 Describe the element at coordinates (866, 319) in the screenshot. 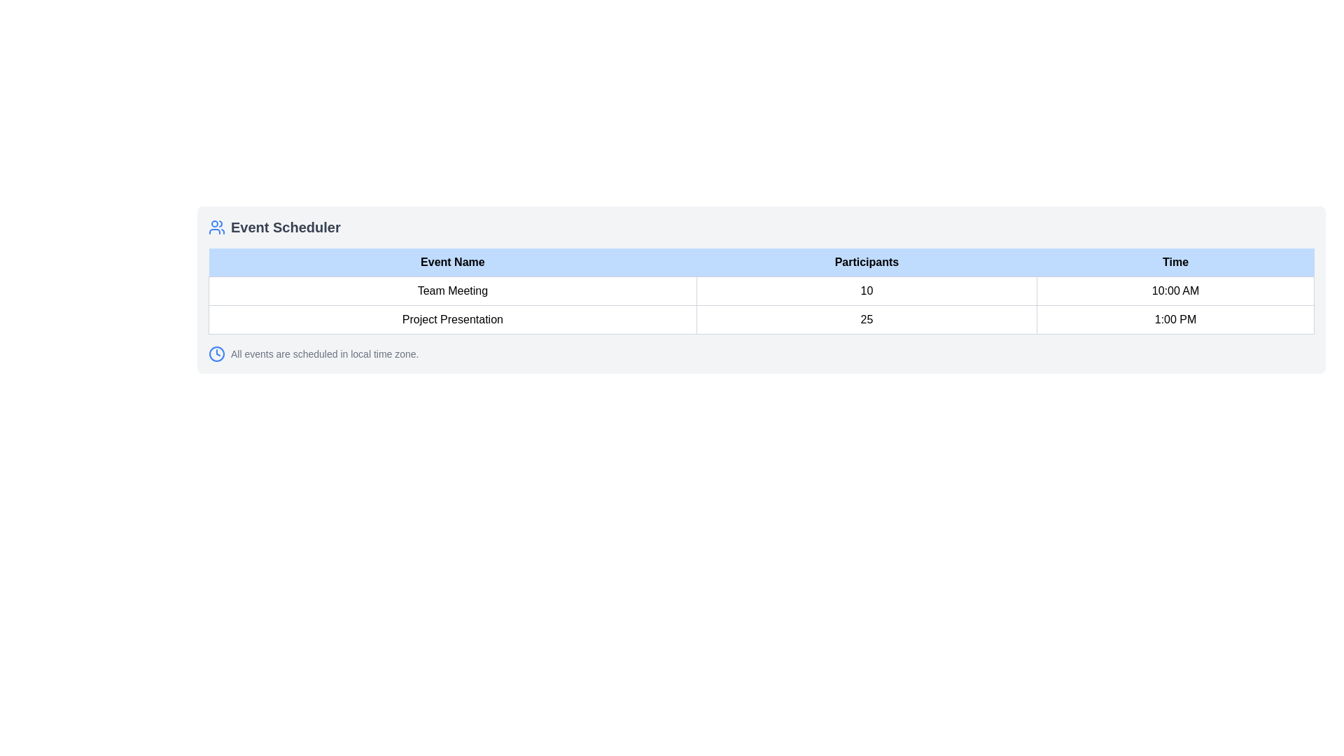

I see `the Table Cell in the second column of the second row under the 'Participants' header, which indicates the number of participants (25) for the event` at that location.